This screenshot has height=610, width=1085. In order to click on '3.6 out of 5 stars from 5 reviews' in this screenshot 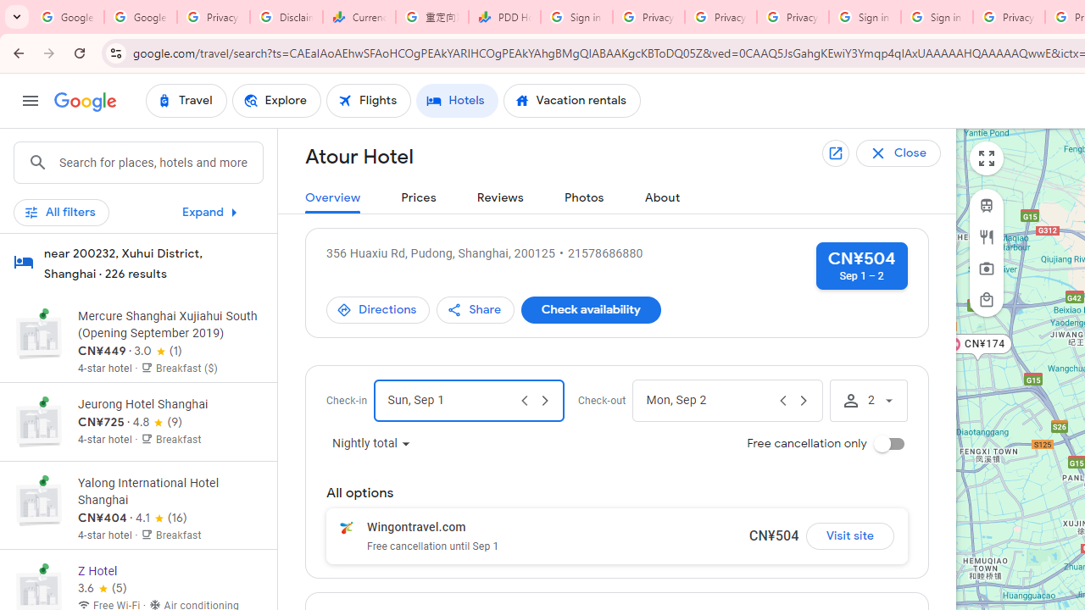, I will do `click(101, 587)`.